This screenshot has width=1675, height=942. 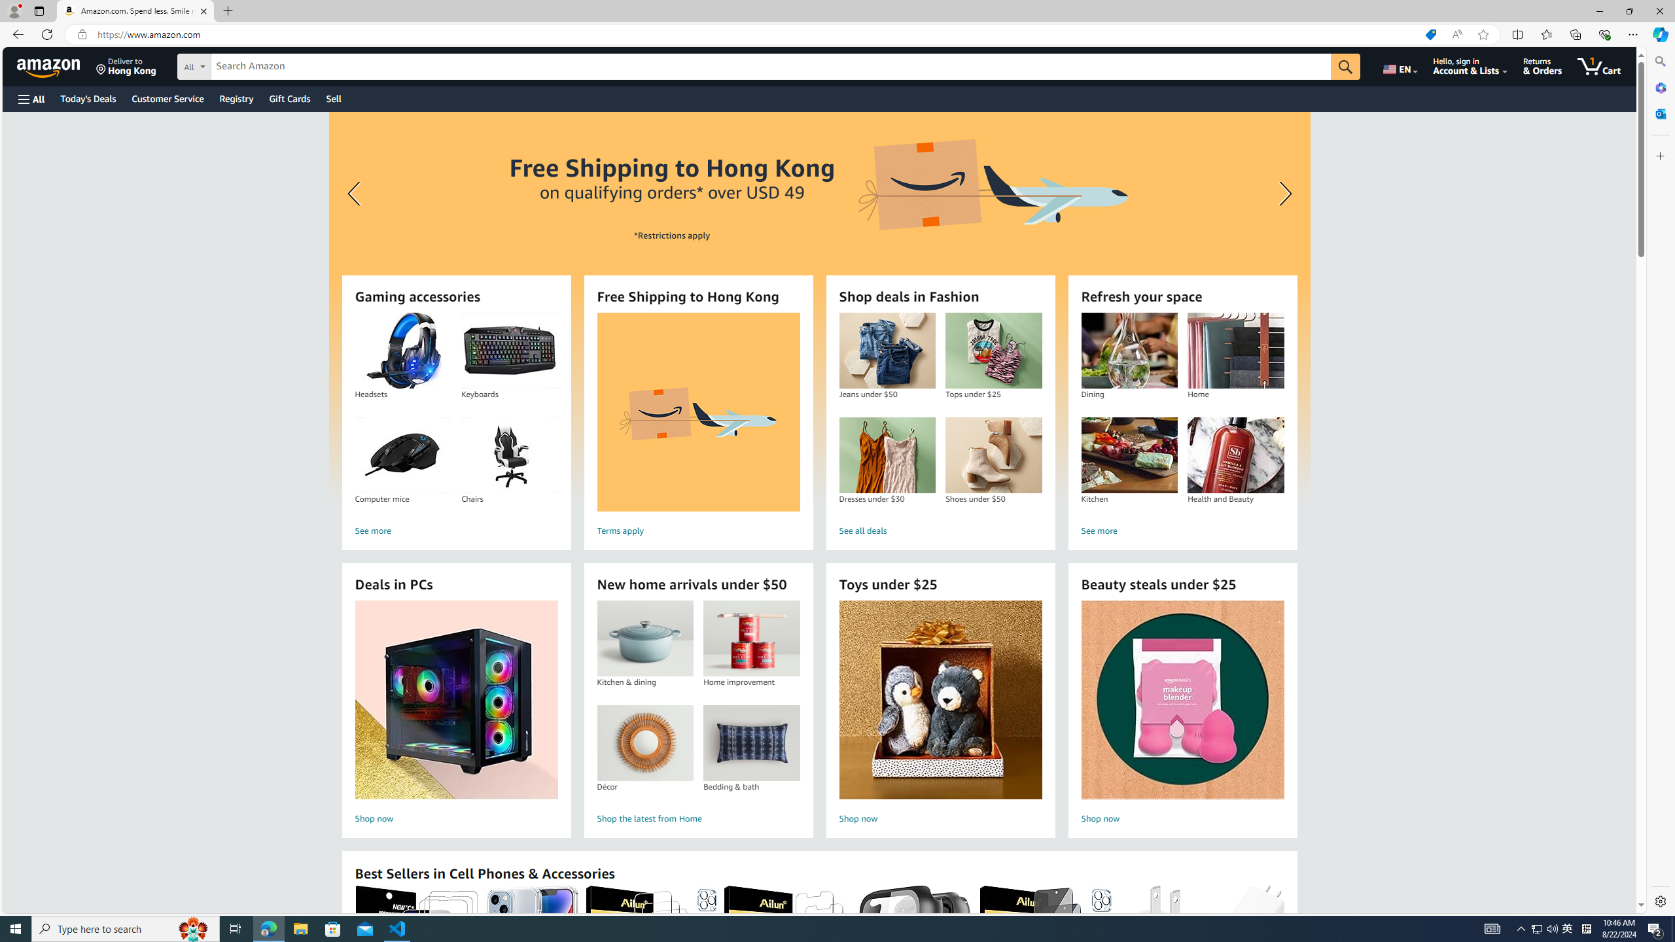 What do you see at coordinates (30, 98) in the screenshot?
I see `'Open Menu'` at bounding box center [30, 98].